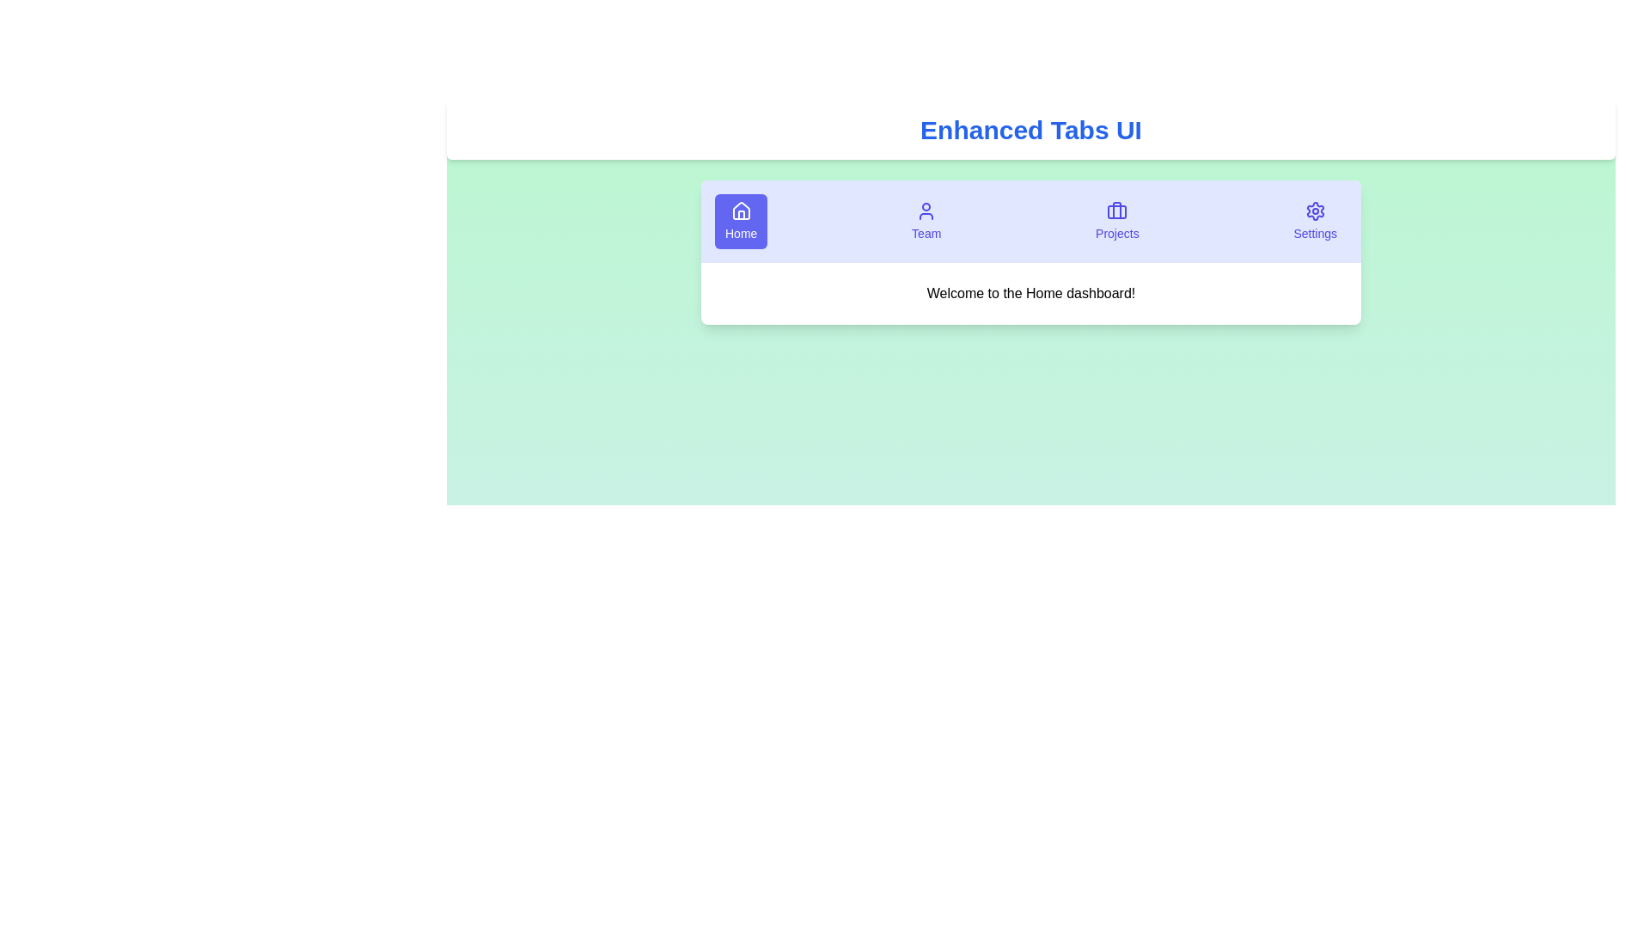  What do you see at coordinates (1314, 211) in the screenshot?
I see `the settings icon represented as a cogwheel located in the settings tab on the rightmost side of the navigation bar` at bounding box center [1314, 211].